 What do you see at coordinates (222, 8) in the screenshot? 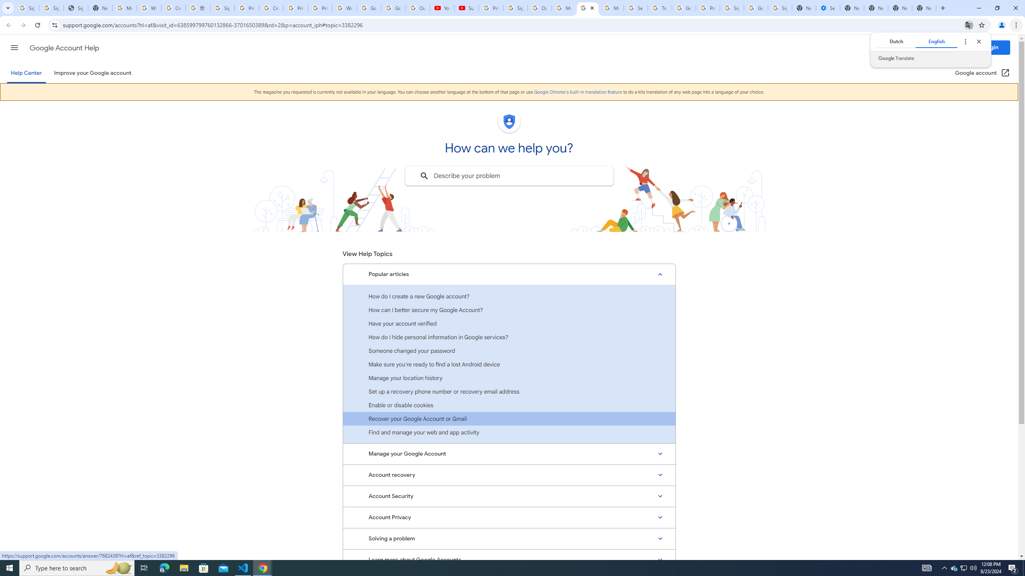
I see `'Sign in - Google Accounts'` at bounding box center [222, 8].